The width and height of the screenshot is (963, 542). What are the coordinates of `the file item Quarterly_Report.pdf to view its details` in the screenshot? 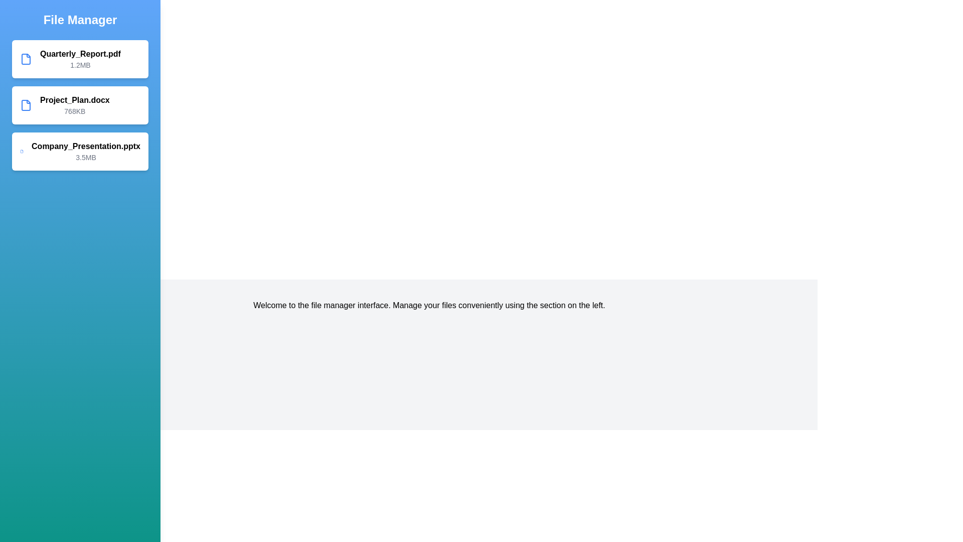 It's located at (79, 59).